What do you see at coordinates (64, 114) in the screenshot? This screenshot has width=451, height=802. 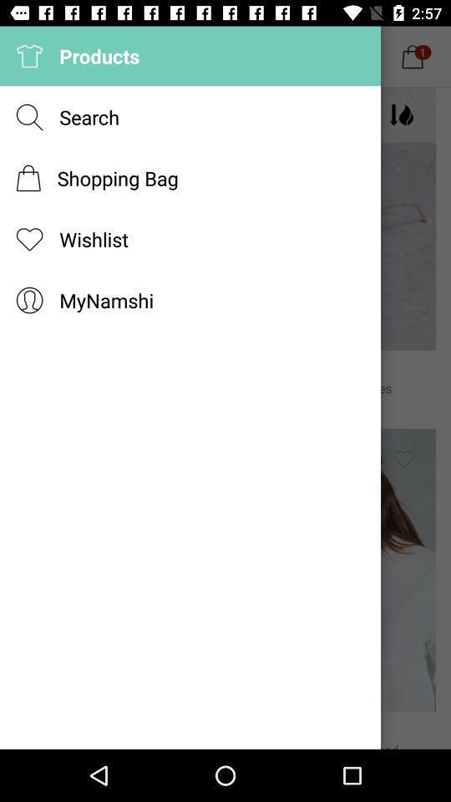 I see `the menu icon` at bounding box center [64, 114].